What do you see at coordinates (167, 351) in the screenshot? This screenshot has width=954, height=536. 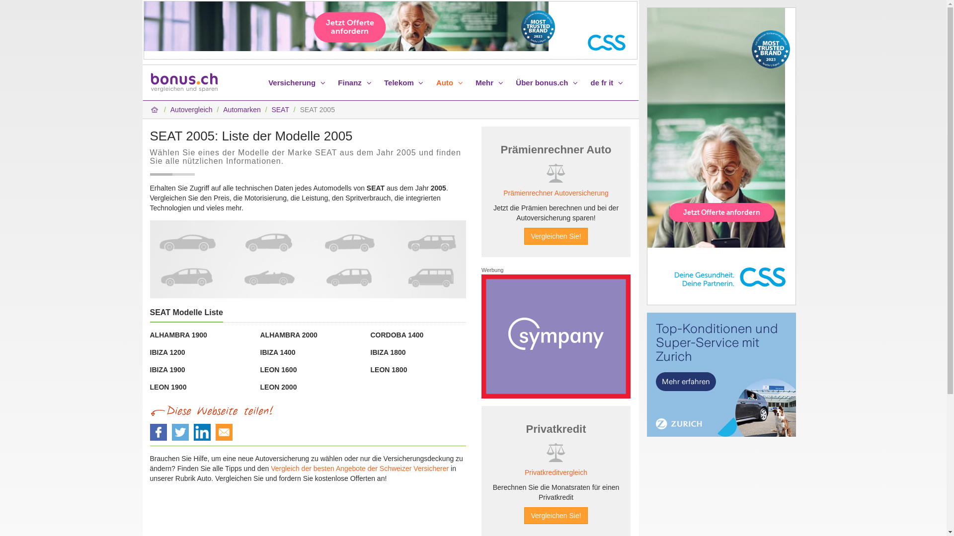 I see `'IBIZA 1200'` at bounding box center [167, 351].